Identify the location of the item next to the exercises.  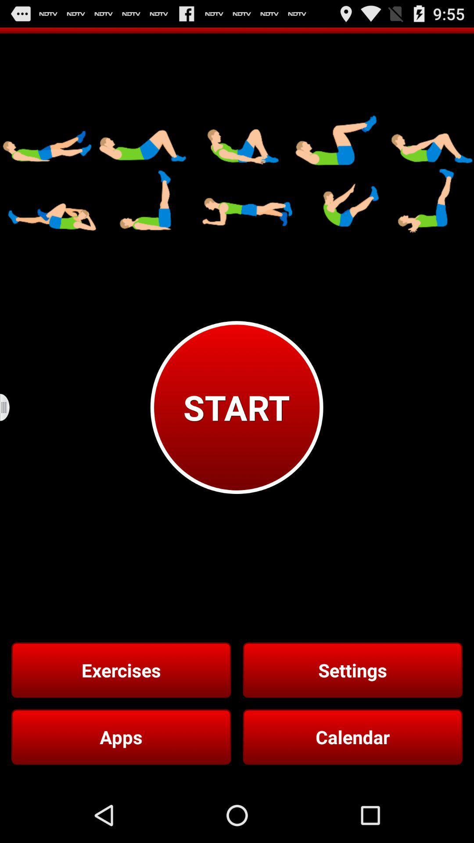
(352, 670).